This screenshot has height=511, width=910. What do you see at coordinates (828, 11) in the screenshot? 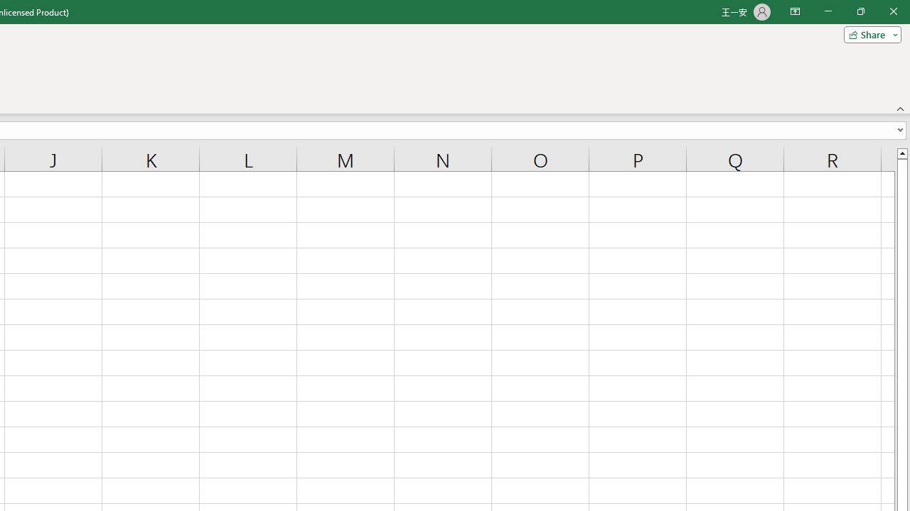
I see `'Minimize'` at bounding box center [828, 11].